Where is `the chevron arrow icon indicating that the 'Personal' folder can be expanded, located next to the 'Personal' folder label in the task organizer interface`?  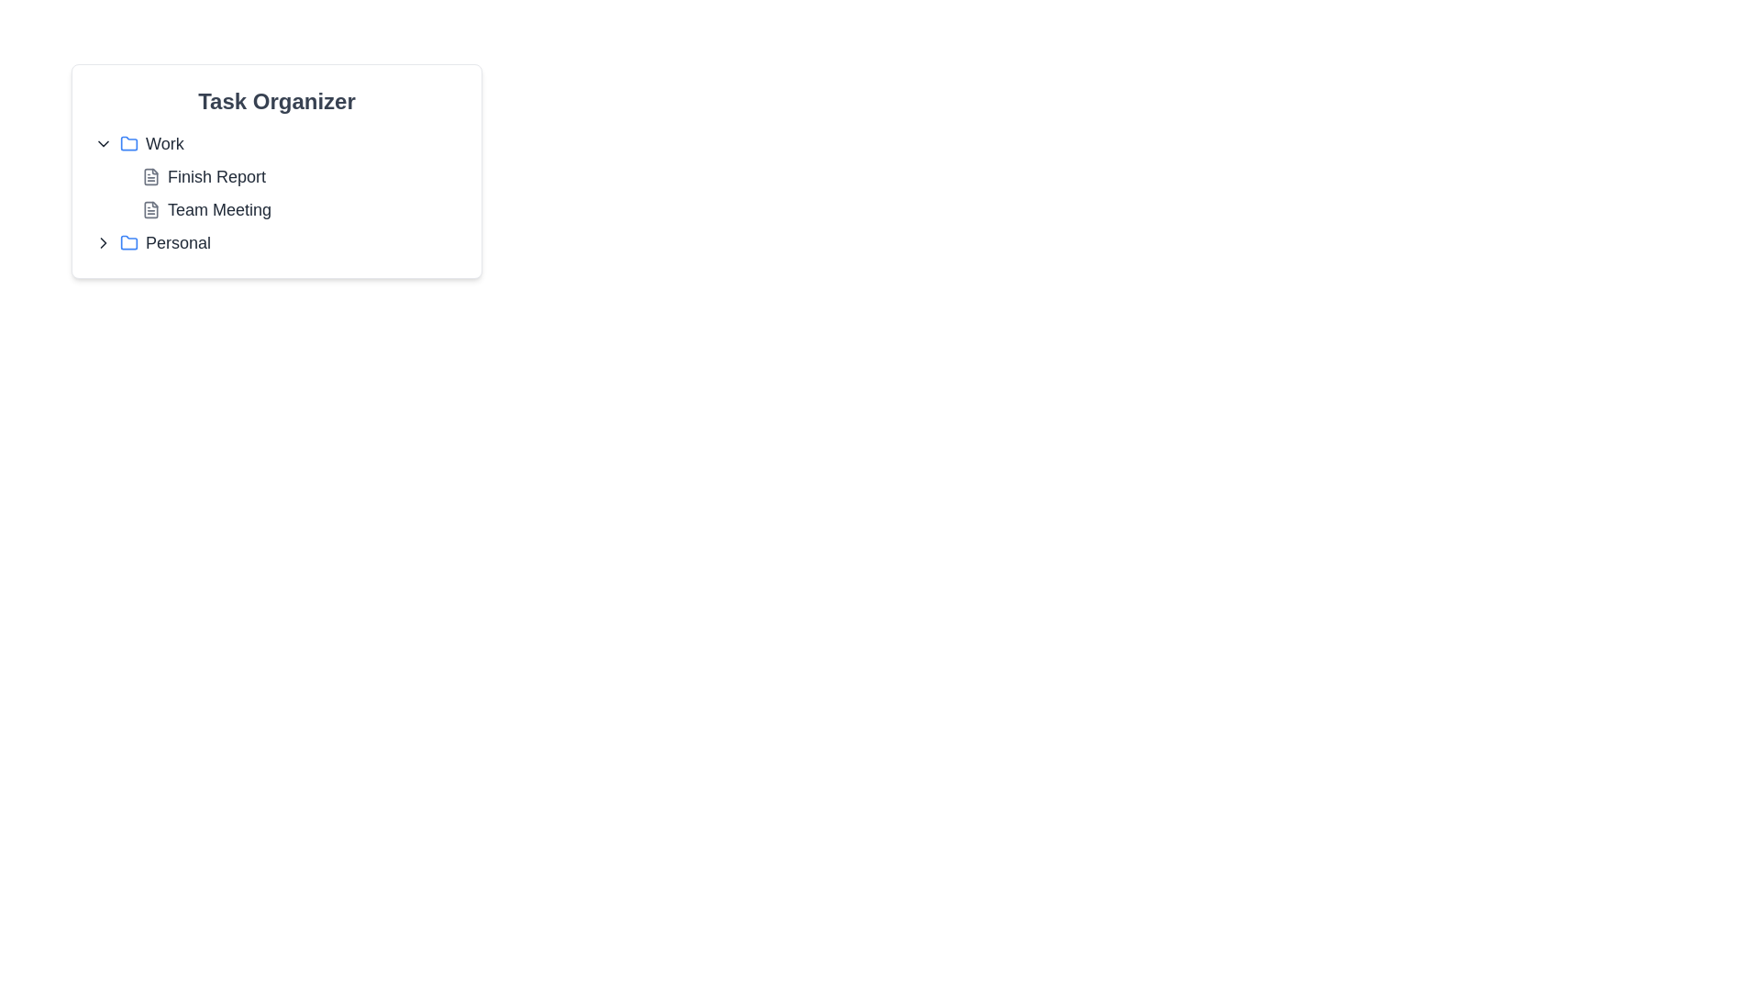 the chevron arrow icon indicating that the 'Personal' folder can be expanded, located next to the 'Personal' folder label in the task organizer interface is located at coordinates (103, 242).